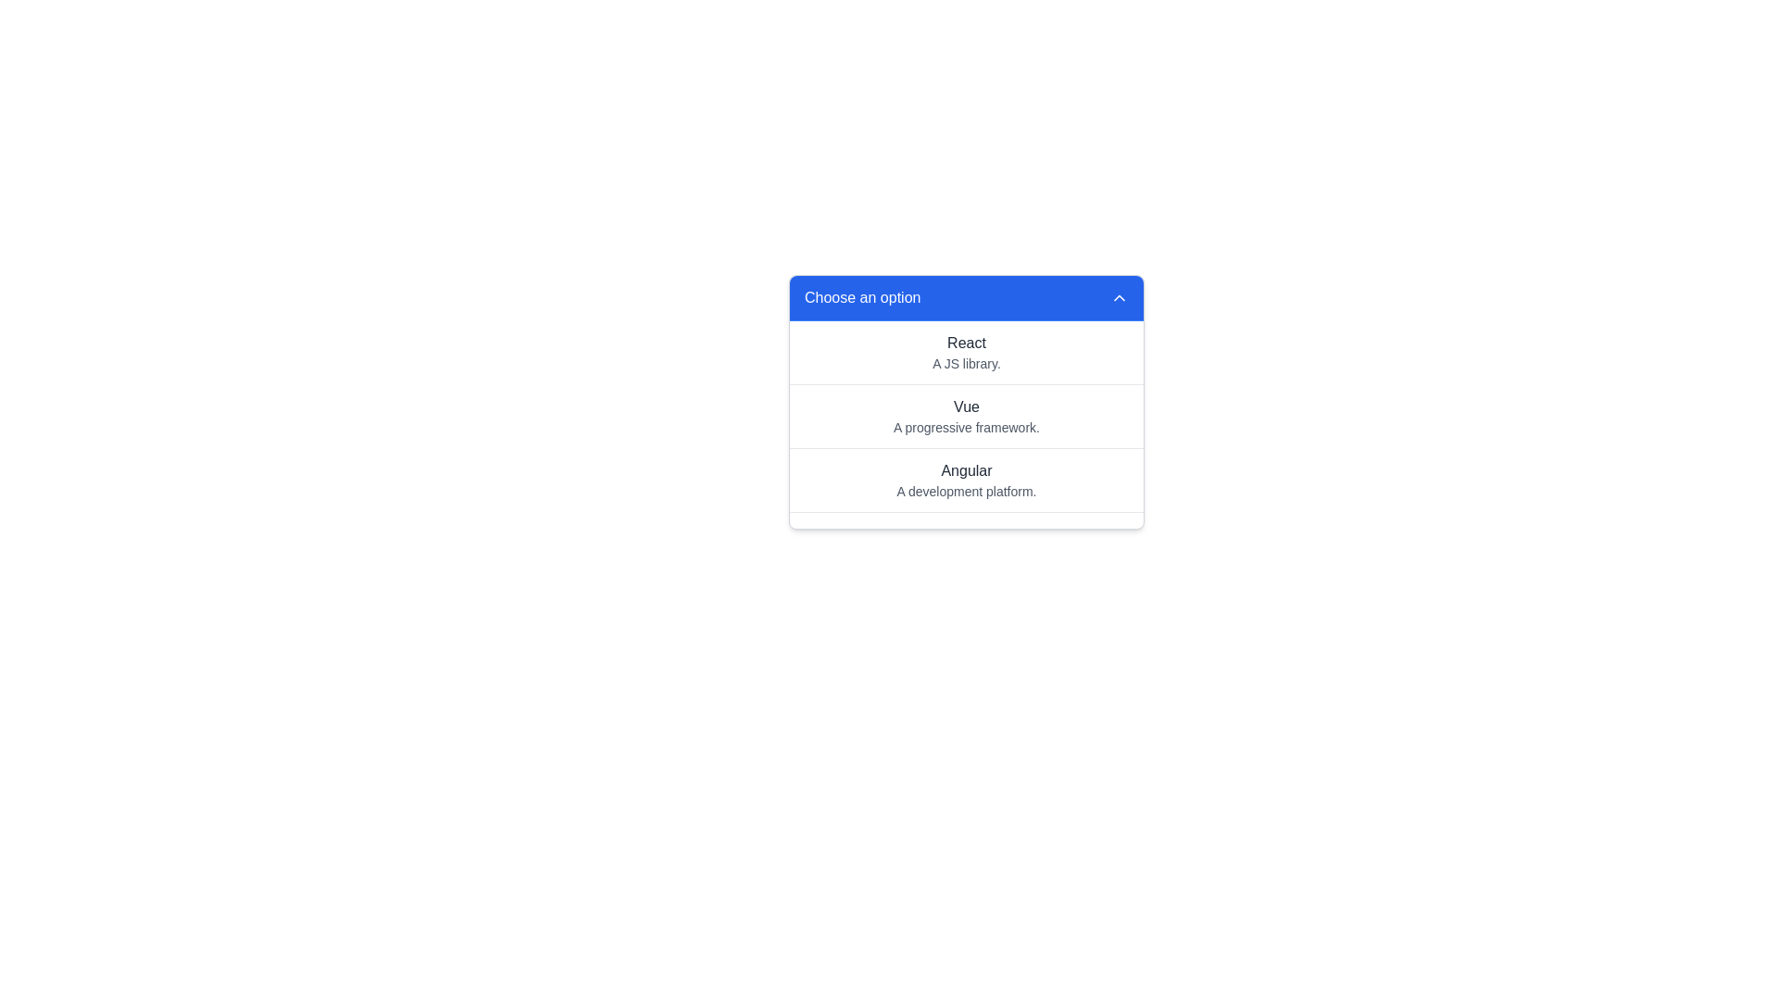  Describe the element at coordinates (965, 343) in the screenshot. I see `the 'React' text label within the dropdown menu titled 'Choose an option'` at that location.